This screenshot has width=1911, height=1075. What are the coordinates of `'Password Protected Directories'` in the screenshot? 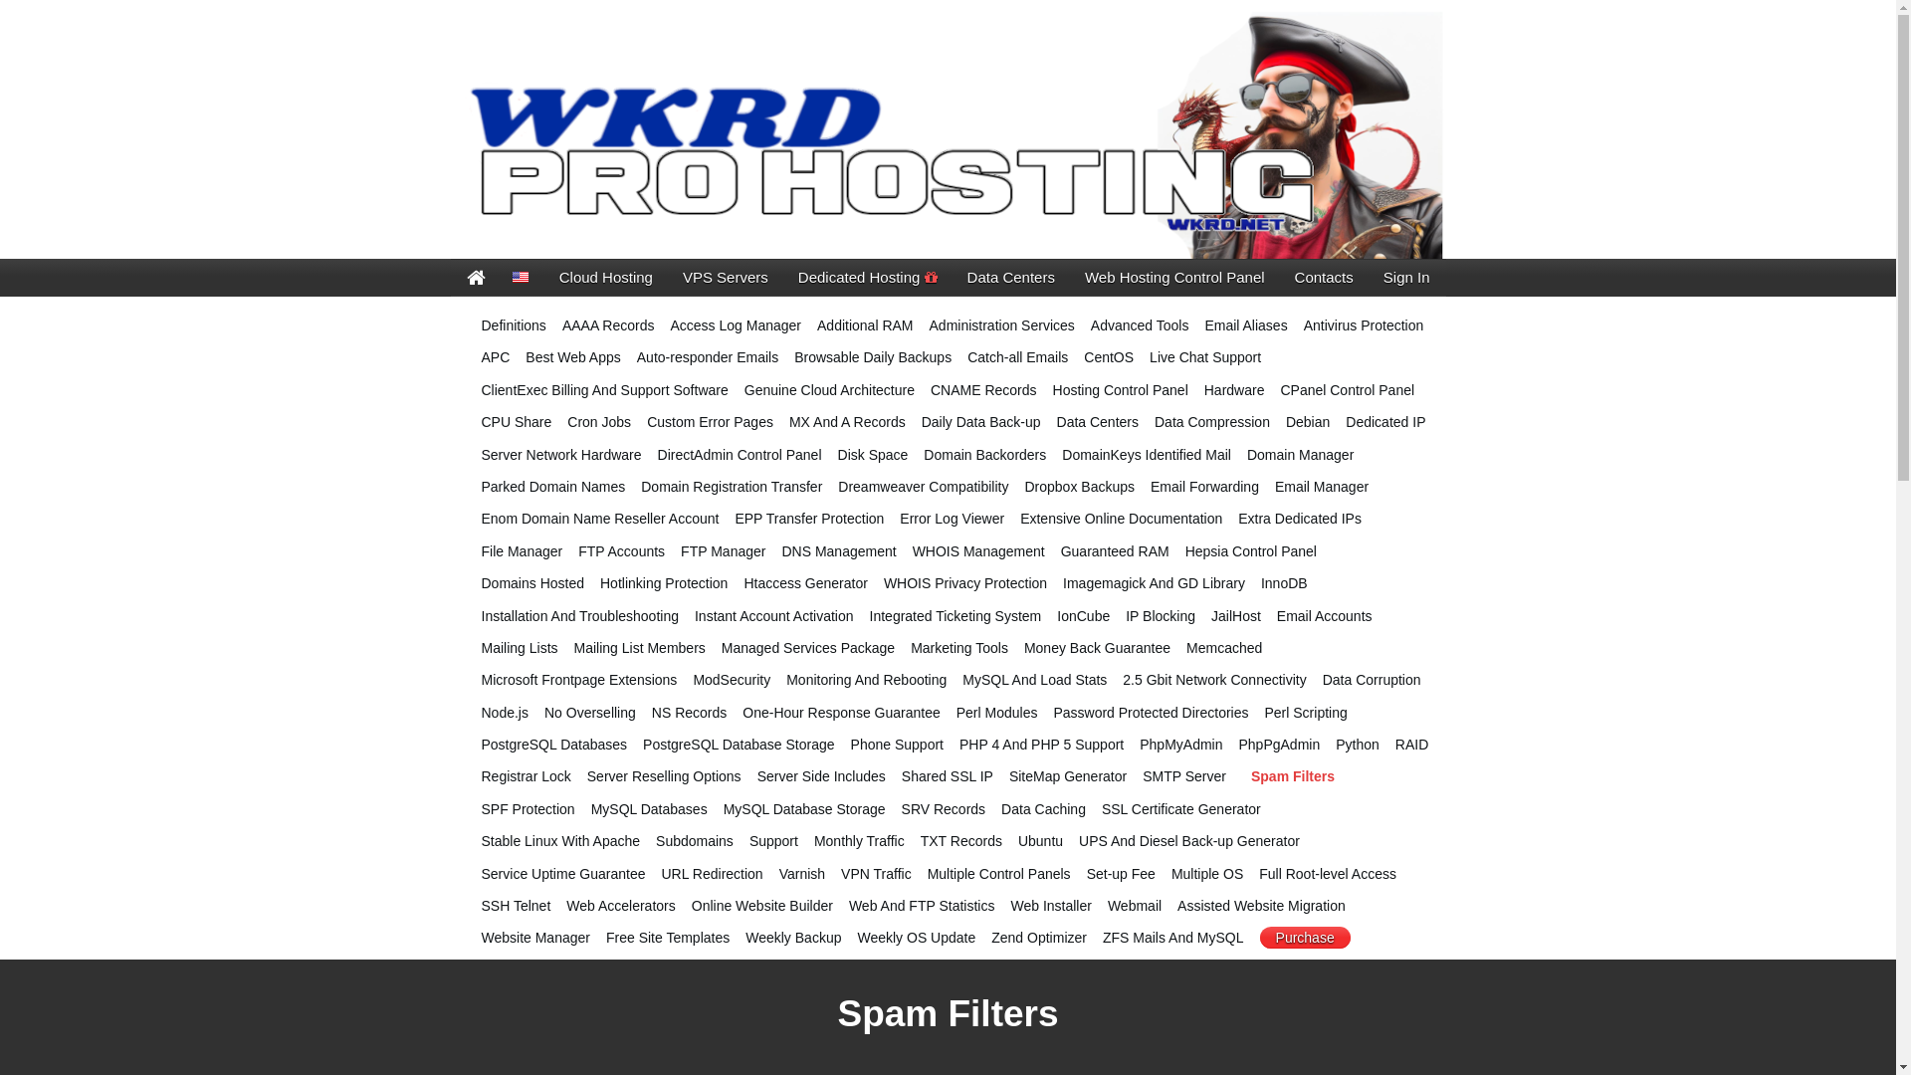 It's located at (1151, 712).